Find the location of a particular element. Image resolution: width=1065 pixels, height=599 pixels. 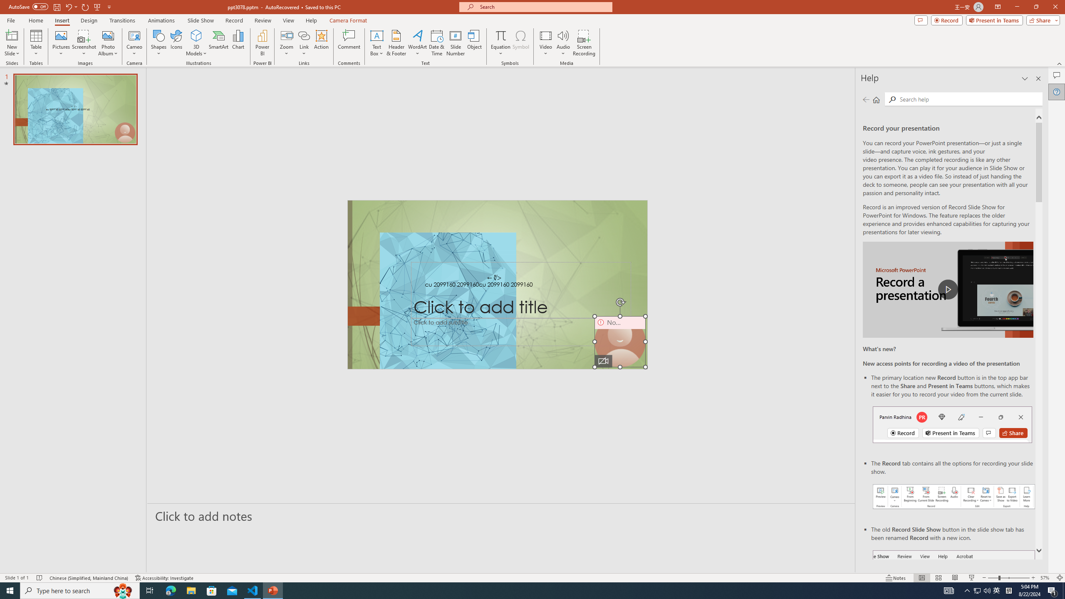

'play Record a Presentation' is located at coordinates (948, 290).